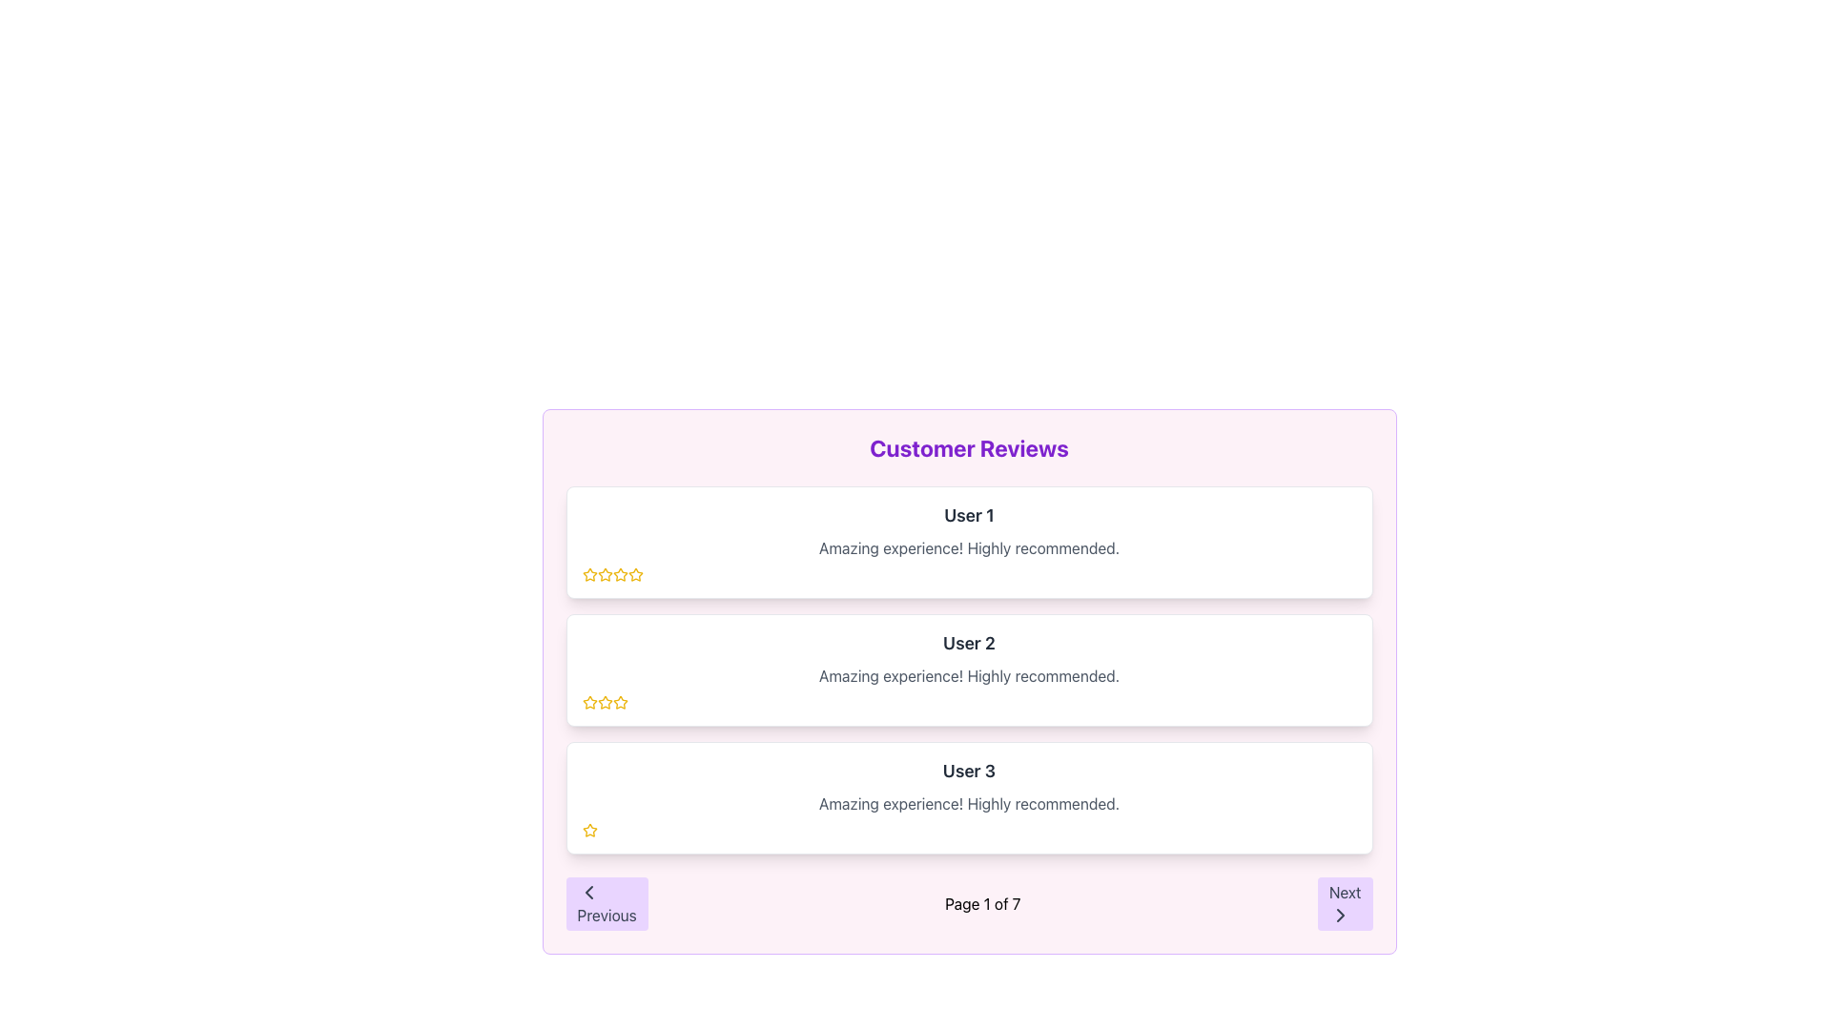  I want to click on the third gold-colored star icon in the 5-star rating system, located in the first user review section labeled 'User 1', so click(620, 573).